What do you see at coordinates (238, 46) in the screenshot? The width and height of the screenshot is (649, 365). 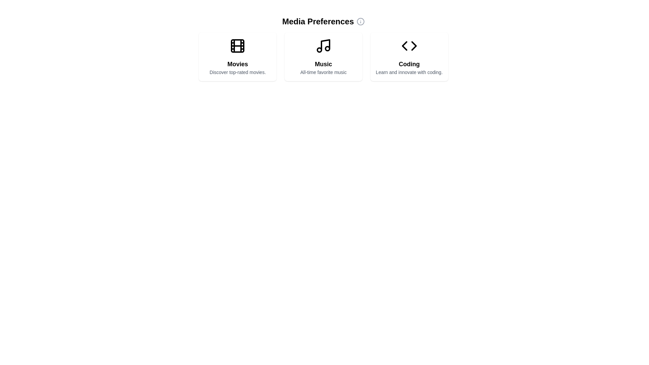 I see `the rectangular decorative element that resembles part of a film reel icon in the 'Movies' preference option` at bounding box center [238, 46].